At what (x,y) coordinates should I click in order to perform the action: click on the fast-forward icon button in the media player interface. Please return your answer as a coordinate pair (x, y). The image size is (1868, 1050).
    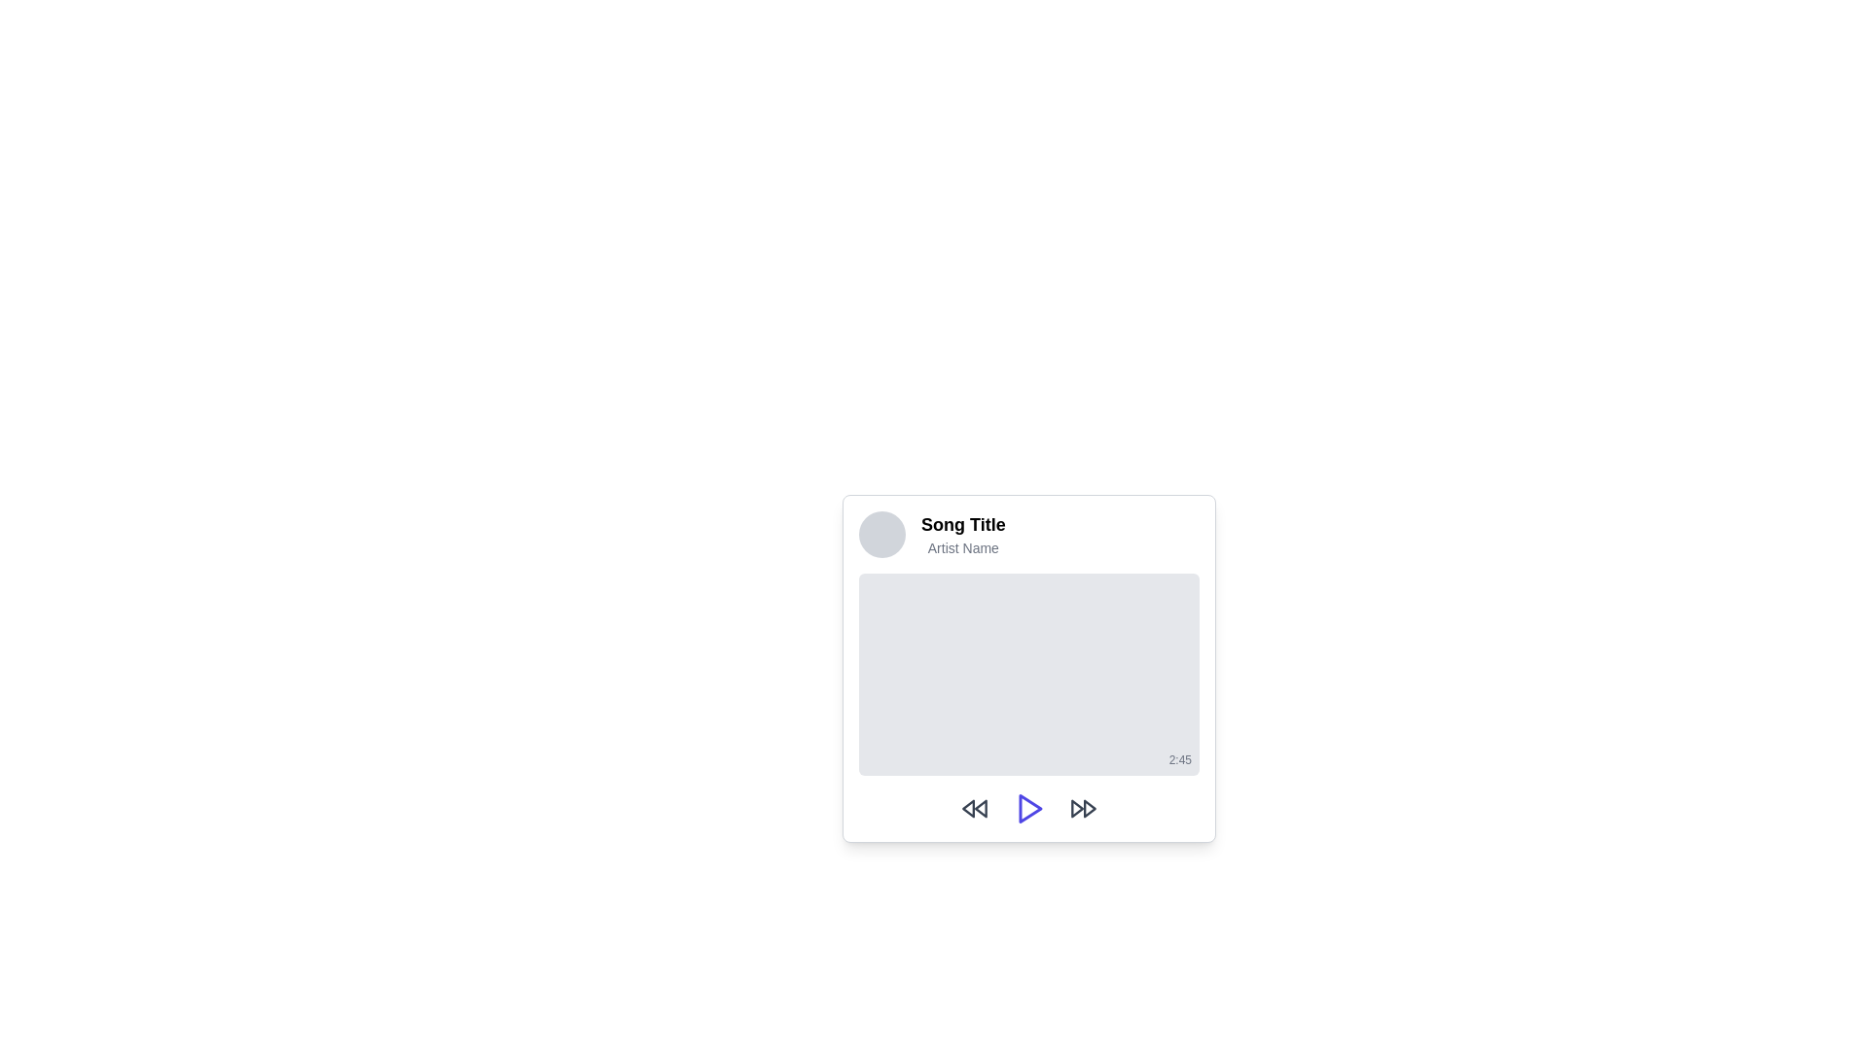
    Looking at the image, I should click on (1082, 809).